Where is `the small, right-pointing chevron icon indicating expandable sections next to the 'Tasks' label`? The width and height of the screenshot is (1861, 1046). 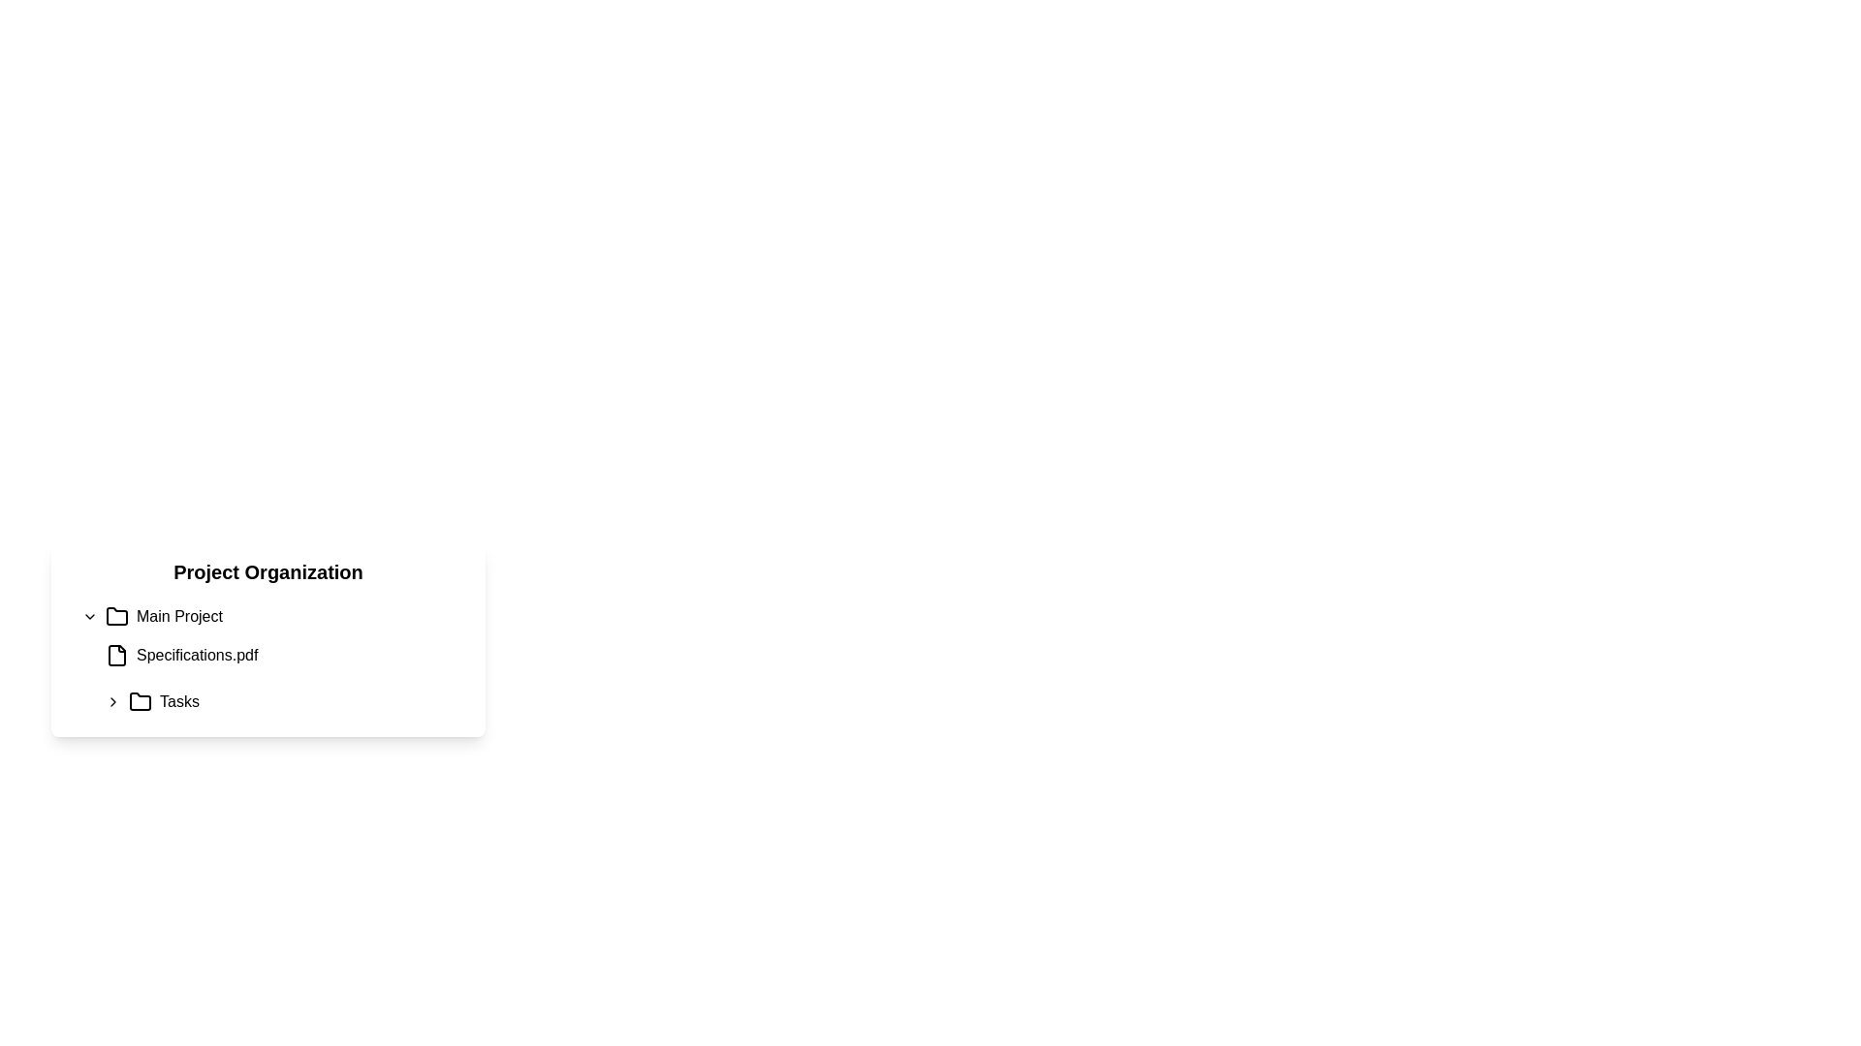
the small, right-pointing chevron icon indicating expandable sections next to the 'Tasks' label is located at coordinates (111, 702).